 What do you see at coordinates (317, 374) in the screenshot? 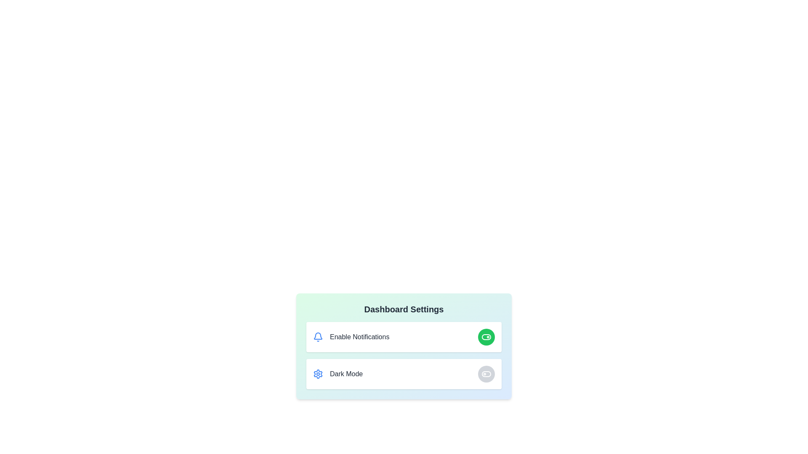
I see `the 'Dark Mode' settings icon located to the left of the 'Dark Mode' text` at bounding box center [317, 374].